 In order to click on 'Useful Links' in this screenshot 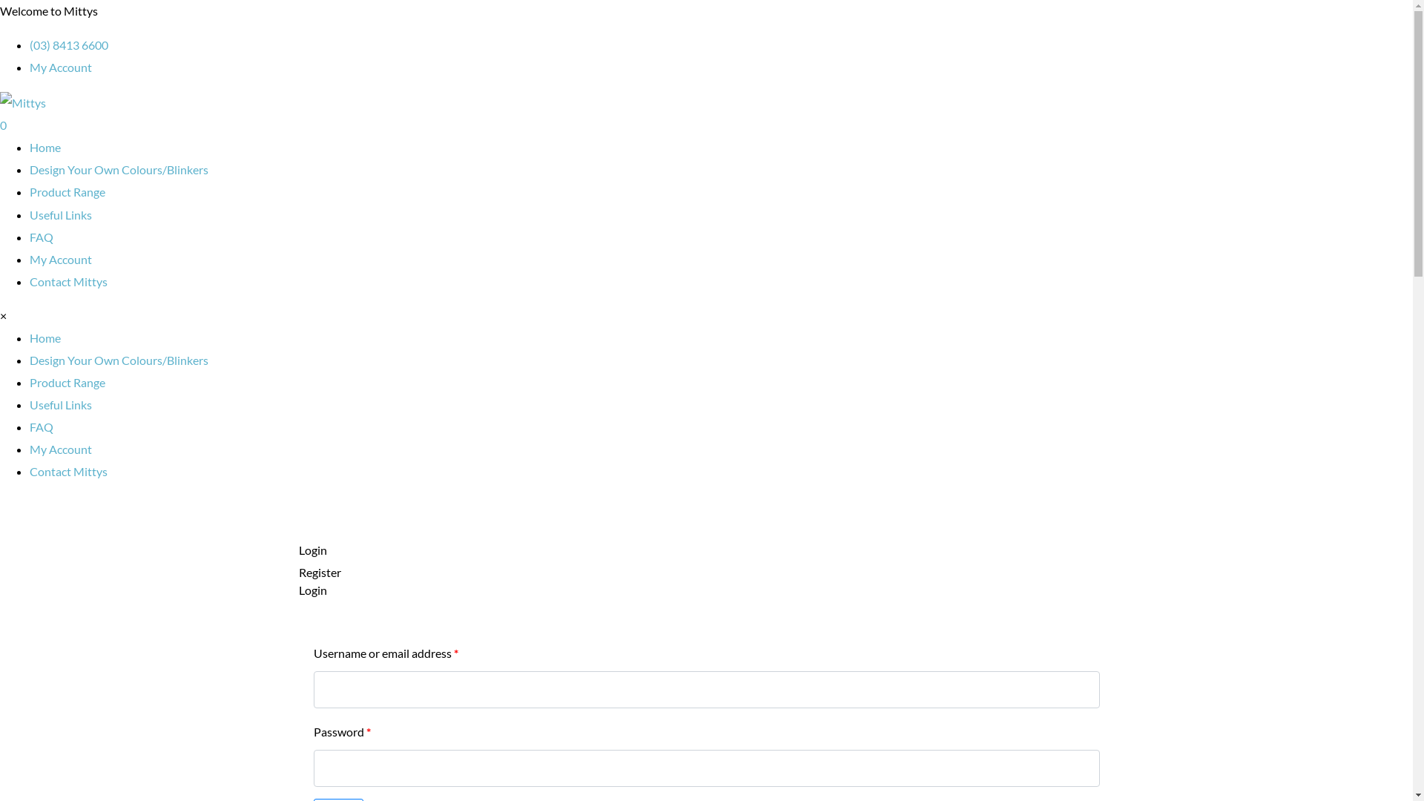, I will do `click(29, 214)`.